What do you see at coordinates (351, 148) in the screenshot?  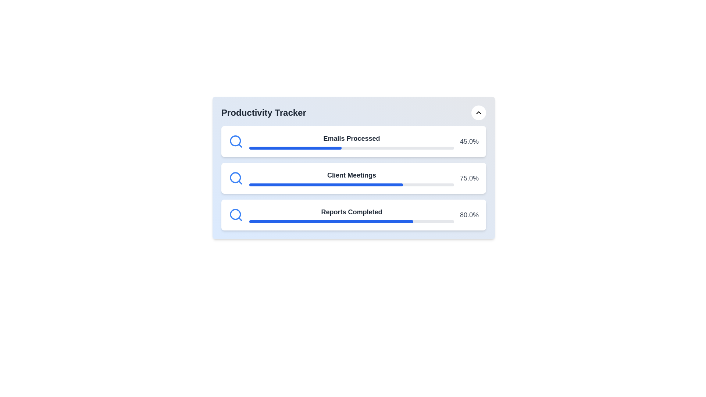 I see `the Progress Bar displaying the proportion of 'Emails Processed', located in the 'Emails Processed' section of the 'Productivity Tracker' interface, situated below the label 'Emails Processed'` at bounding box center [351, 148].